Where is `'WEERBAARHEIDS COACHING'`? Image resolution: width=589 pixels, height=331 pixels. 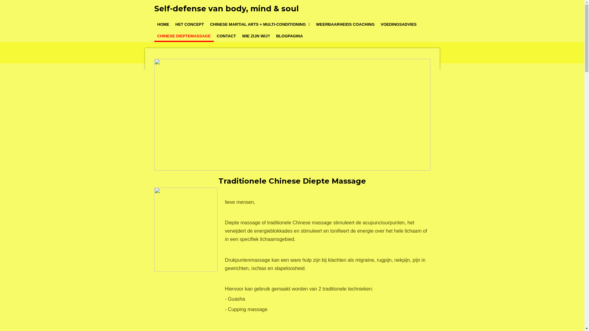
'WEERBAARHEIDS COACHING' is located at coordinates (345, 24).